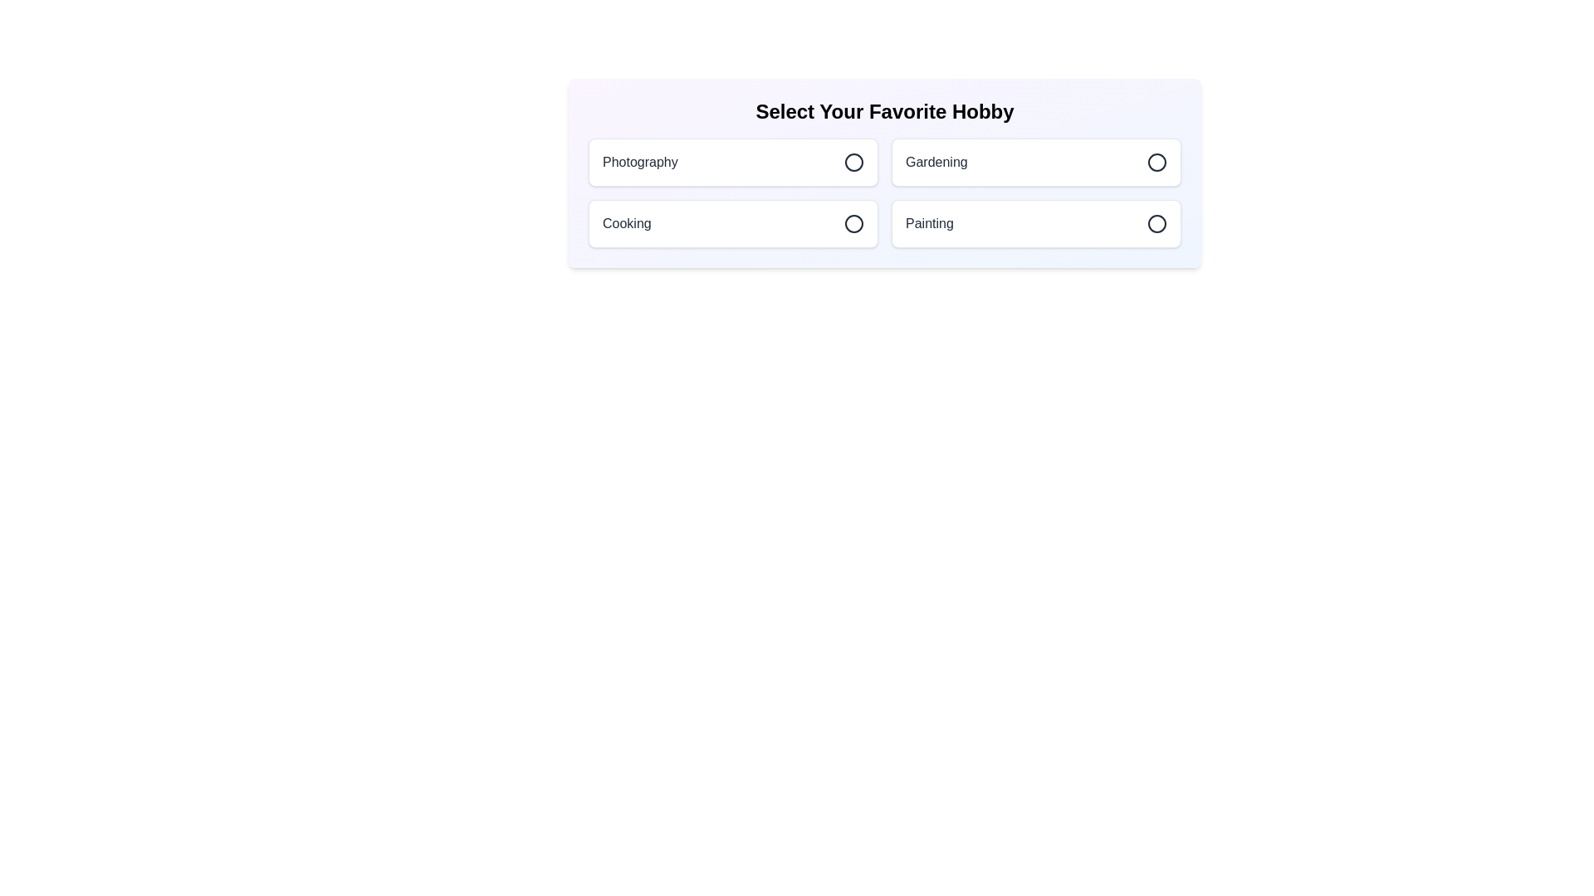 The image size is (1594, 896). I want to click on the radio button for the 'Gardening' hobby option located near the top-right of the second column in the card titled 'Select Your Favorite Hobby', so click(1156, 163).